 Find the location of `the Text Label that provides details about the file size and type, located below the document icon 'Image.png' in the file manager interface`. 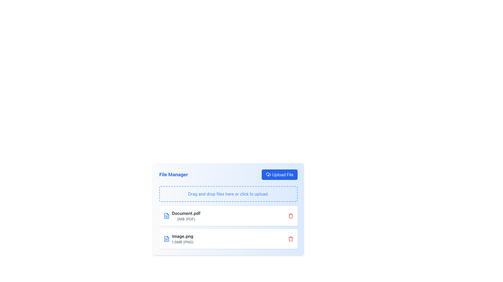

the Text Label that provides details about the file size and type, located below the document icon 'Image.png' in the file manager interface is located at coordinates (183, 242).